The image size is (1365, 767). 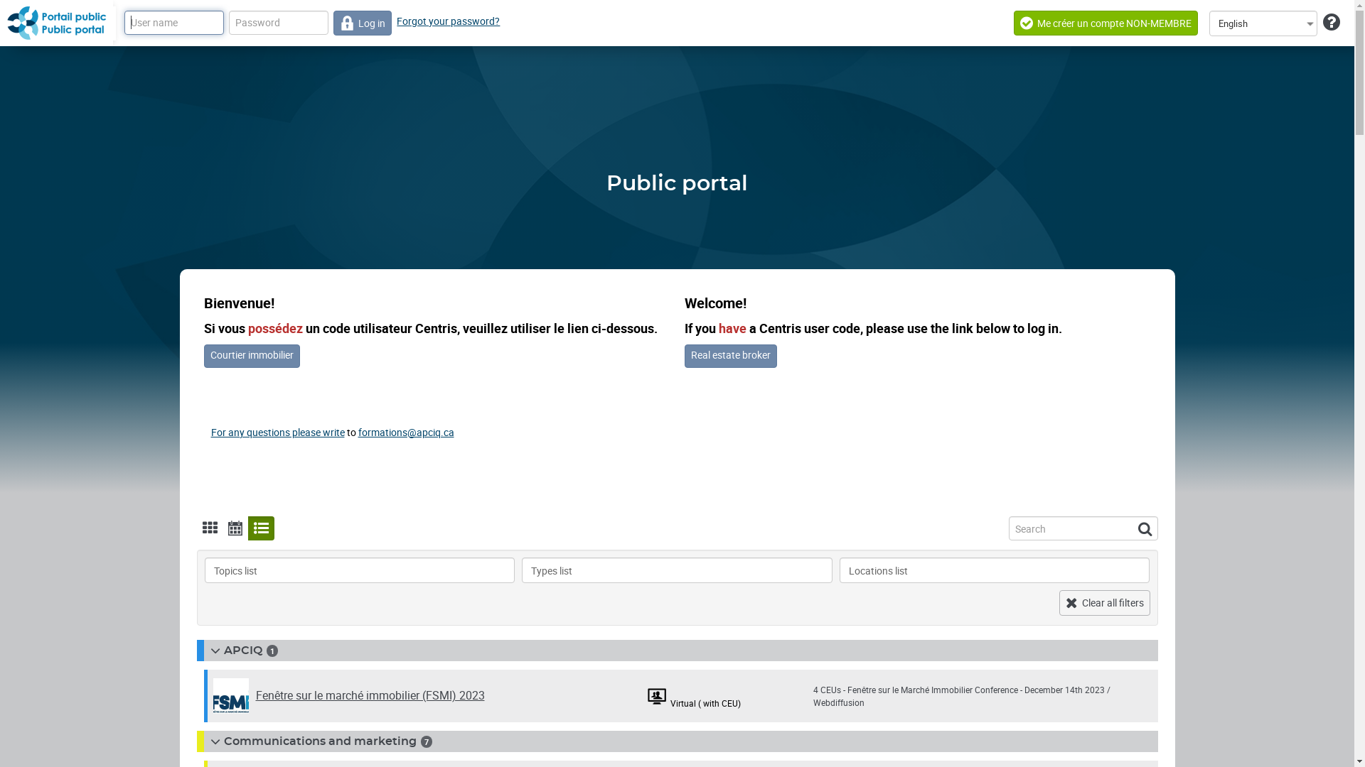 What do you see at coordinates (730, 355) in the screenshot?
I see `'Real estate broker'` at bounding box center [730, 355].